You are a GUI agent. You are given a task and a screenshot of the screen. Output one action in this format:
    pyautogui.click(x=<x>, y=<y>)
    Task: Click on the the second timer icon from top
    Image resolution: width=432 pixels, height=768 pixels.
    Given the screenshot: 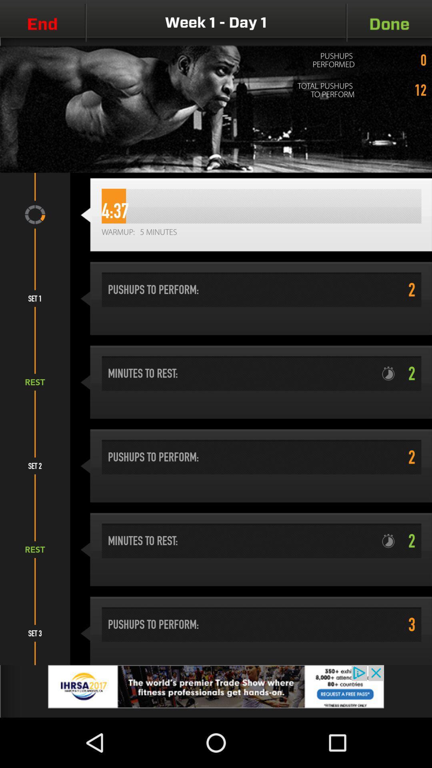 What is the action you would take?
    pyautogui.click(x=391, y=541)
    